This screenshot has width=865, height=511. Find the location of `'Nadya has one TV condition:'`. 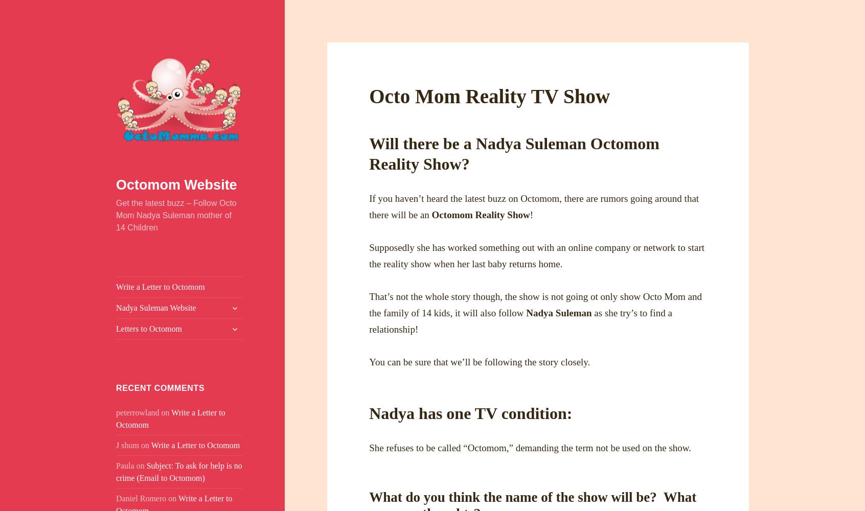

'Nadya has one TV condition:' is located at coordinates (470, 413).